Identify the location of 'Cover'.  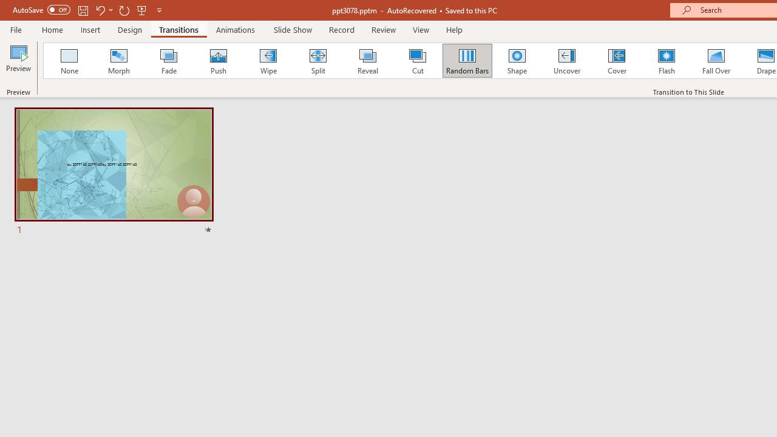
(617, 61).